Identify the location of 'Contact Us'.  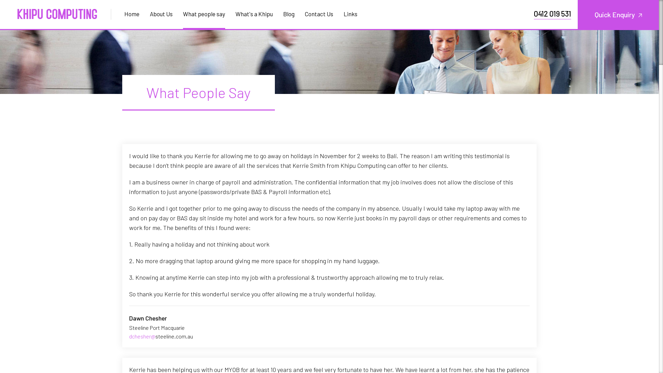
(318, 13).